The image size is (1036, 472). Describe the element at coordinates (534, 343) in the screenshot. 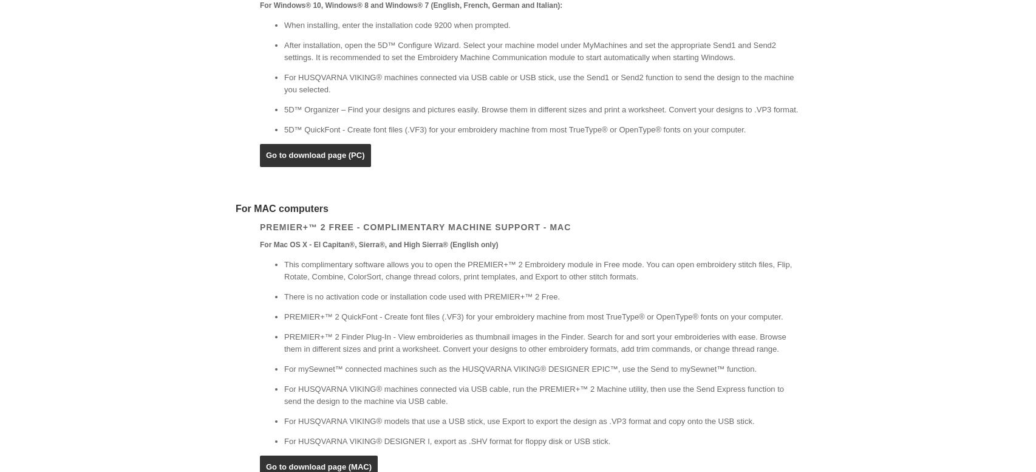

I see `'PREMIER+™ 2 Finder Plug-In - View embroideries as thumbnail images in the Finder. Search for and sort your embroideries with ease. Browse them in different sizes and print a worksheet. Convert your designs to other embroidery formats, add trim commands, or change thread range.'` at that location.